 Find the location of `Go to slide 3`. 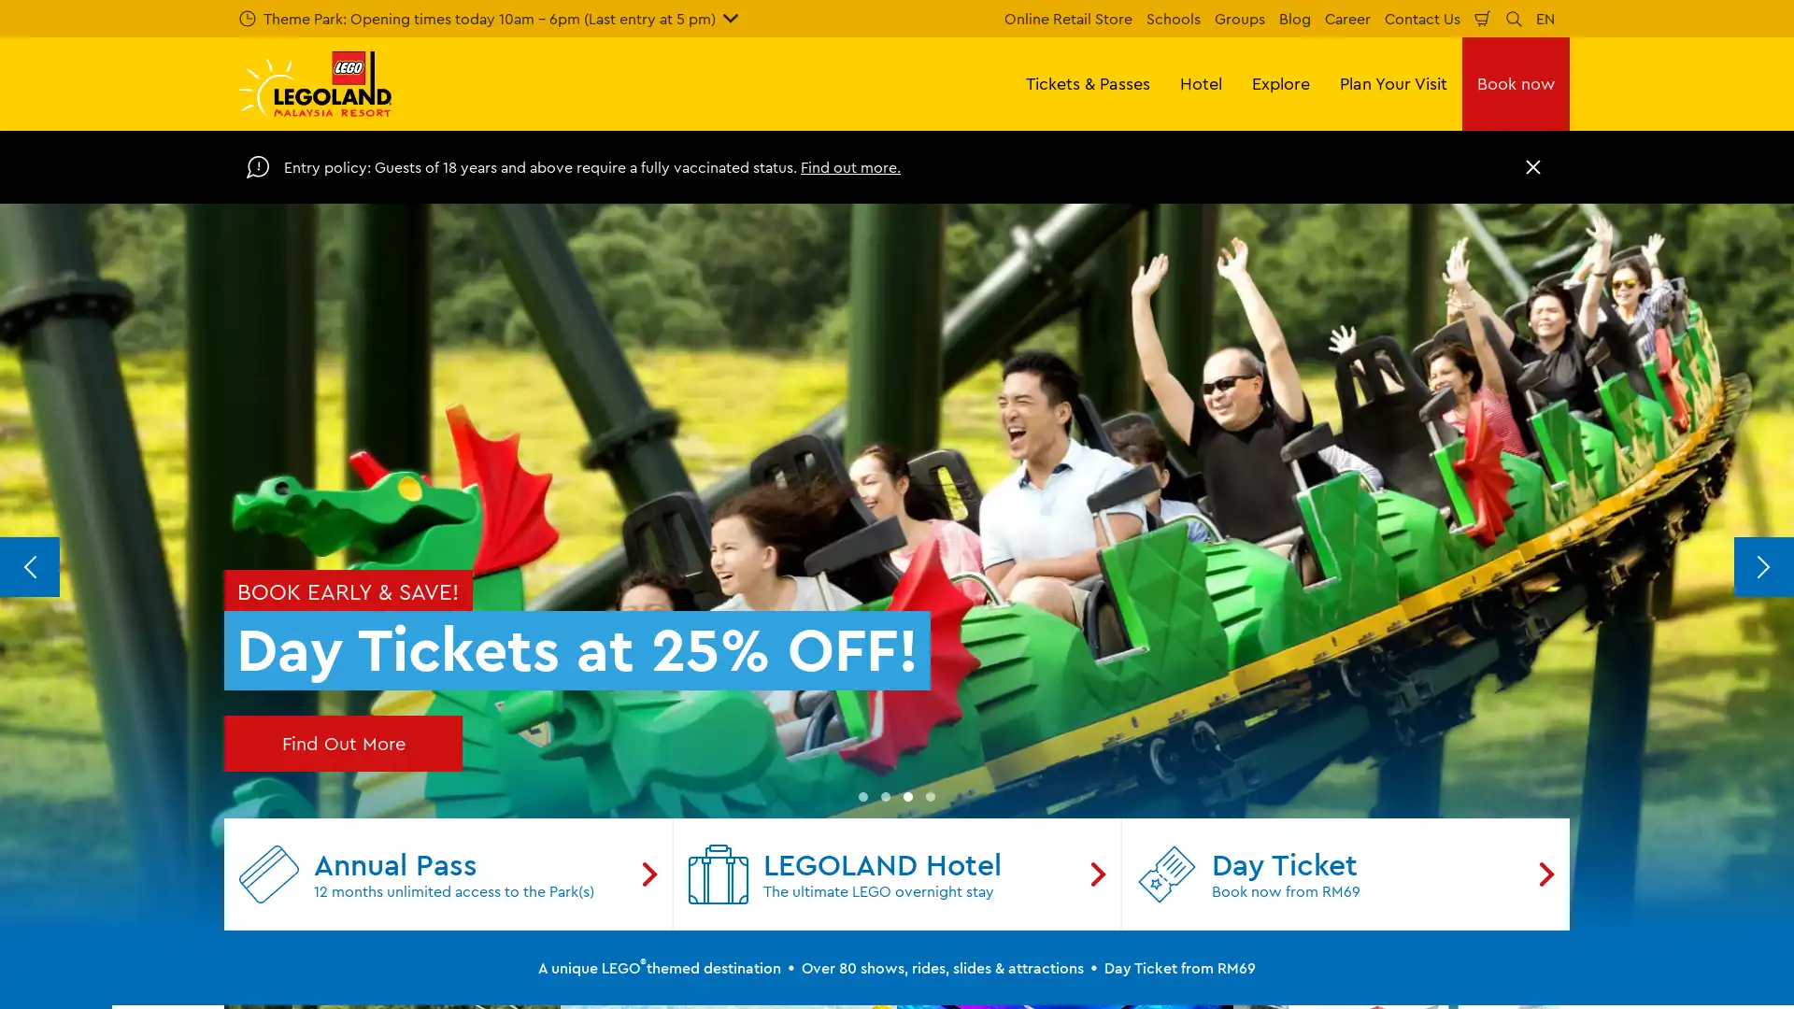

Go to slide 3 is located at coordinates (907, 796).